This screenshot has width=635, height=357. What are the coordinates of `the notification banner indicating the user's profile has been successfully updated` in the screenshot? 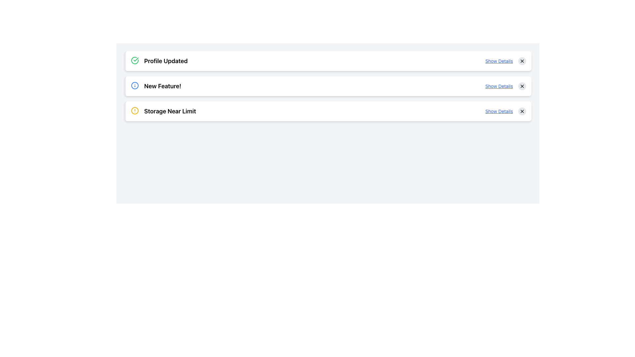 It's located at (159, 61).